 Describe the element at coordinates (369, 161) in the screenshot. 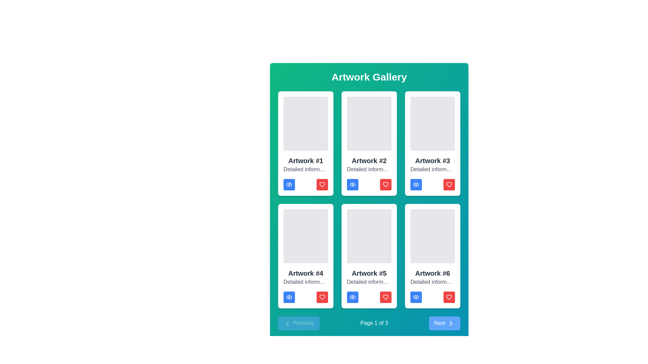

I see `the text label that serves as the title of the artwork, located below the thumbnail image and above the description in the second item of the grid layout, which is horizontally centered in its grid cell` at that location.